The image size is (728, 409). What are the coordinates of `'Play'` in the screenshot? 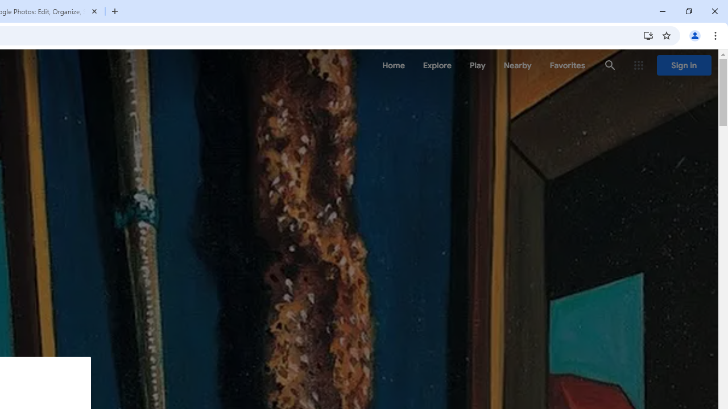 It's located at (478, 65).